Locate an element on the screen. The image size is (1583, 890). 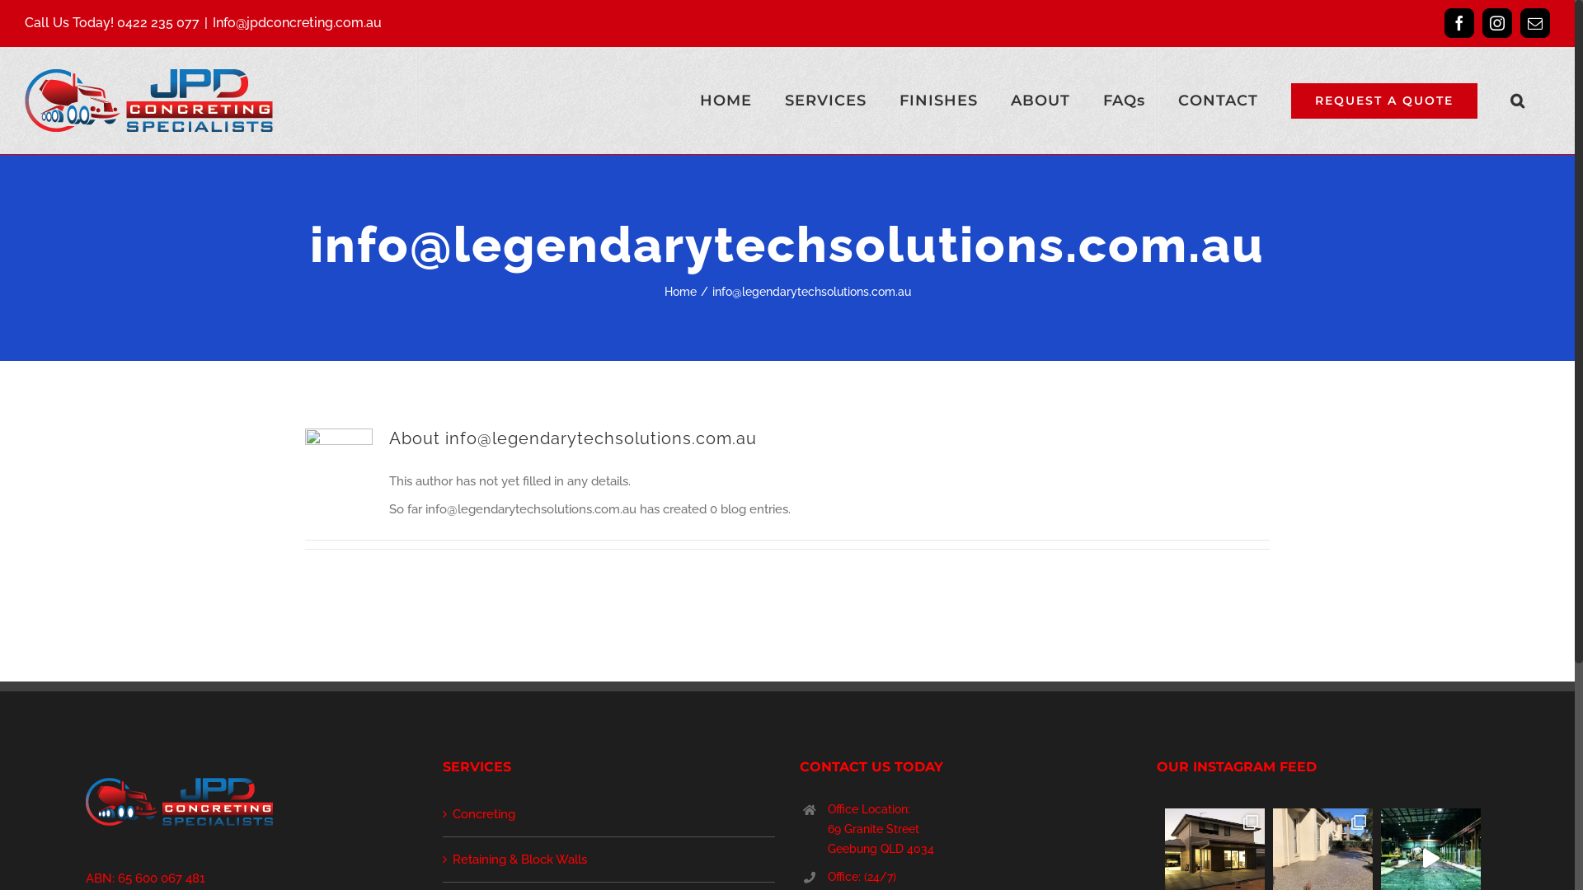
'CONTACT' is located at coordinates (1218, 101).